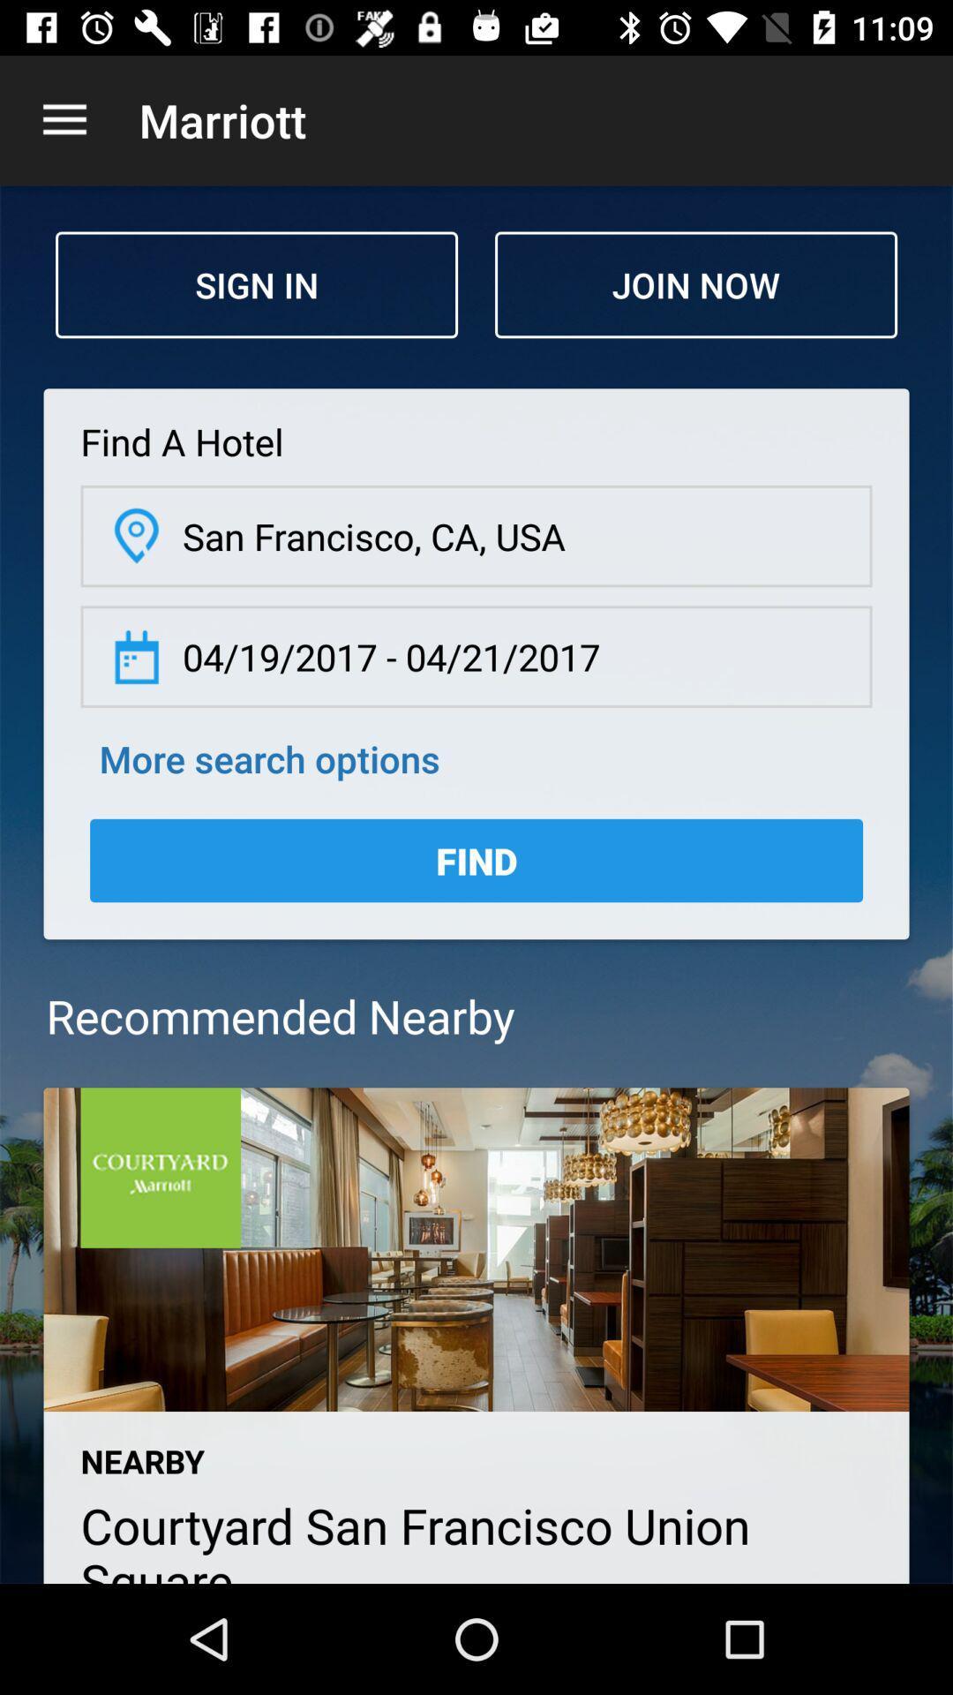 This screenshot has height=1695, width=953. Describe the element at coordinates (256, 284) in the screenshot. I see `sign in item` at that location.